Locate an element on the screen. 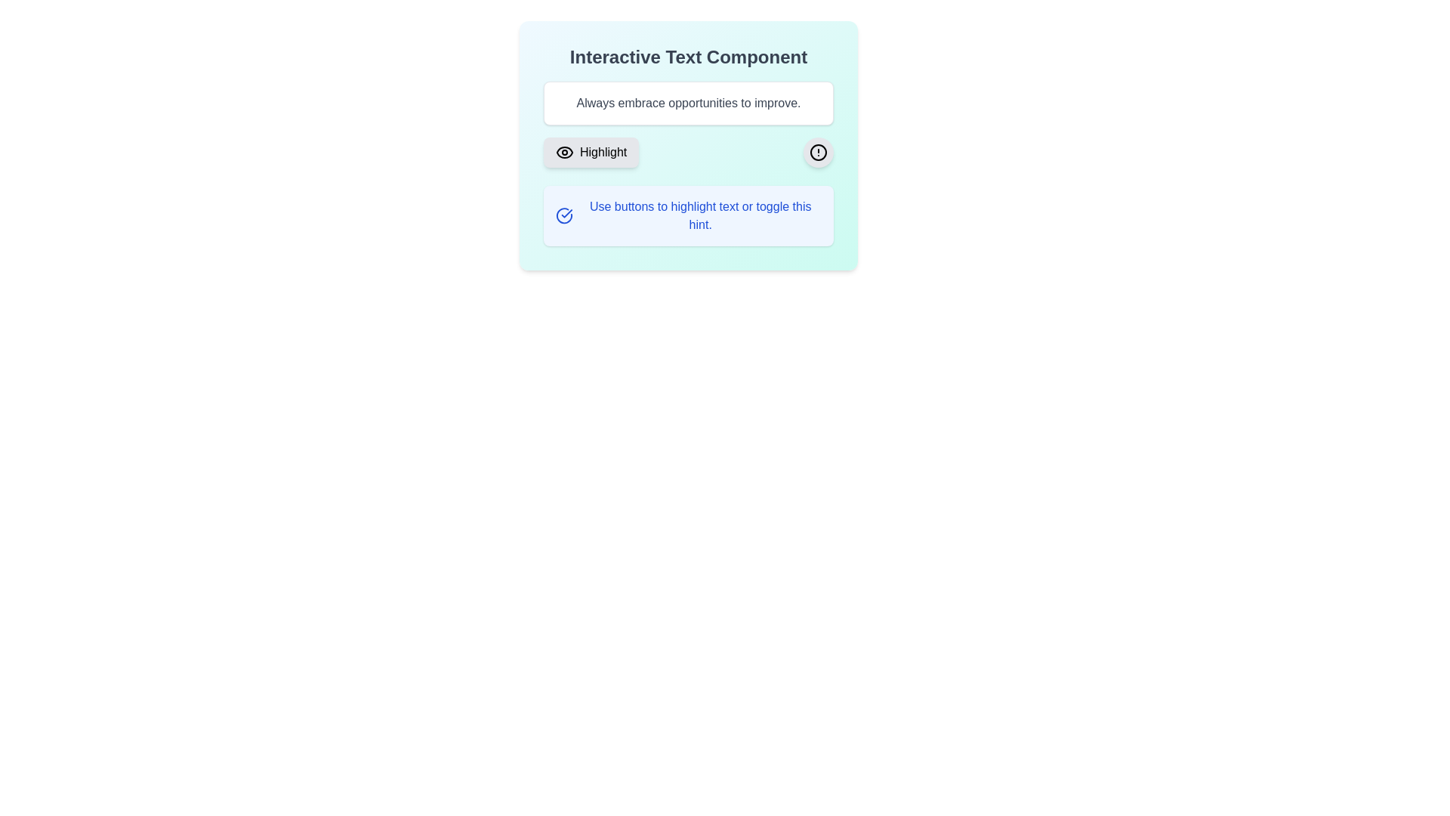 The image size is (1450, 816). the informational message box with a checkmark icon and text that states 'Use buttons is located at coordinates (688, 215).